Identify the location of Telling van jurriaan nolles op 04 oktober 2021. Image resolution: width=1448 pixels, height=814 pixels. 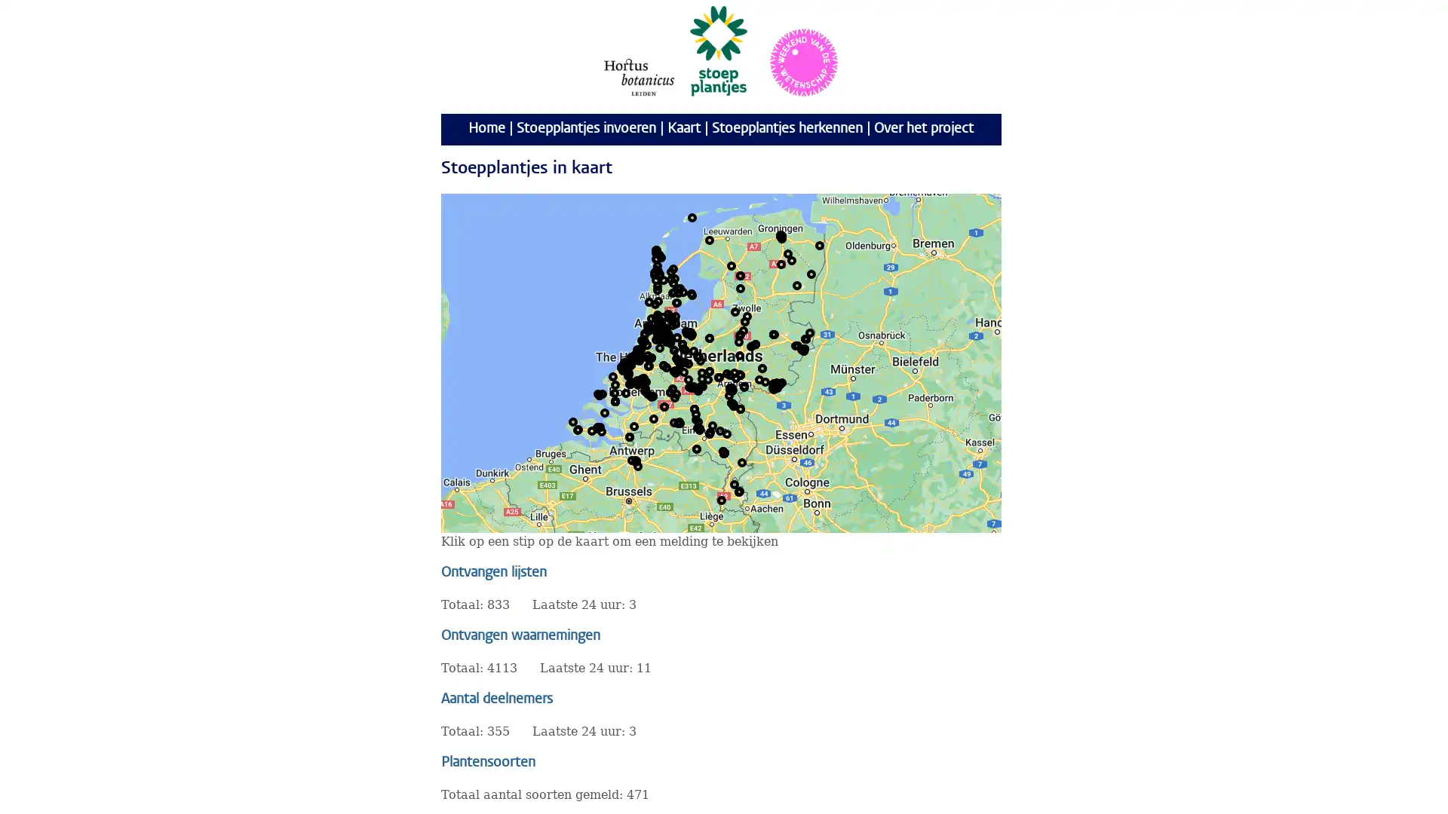
(712, 424).